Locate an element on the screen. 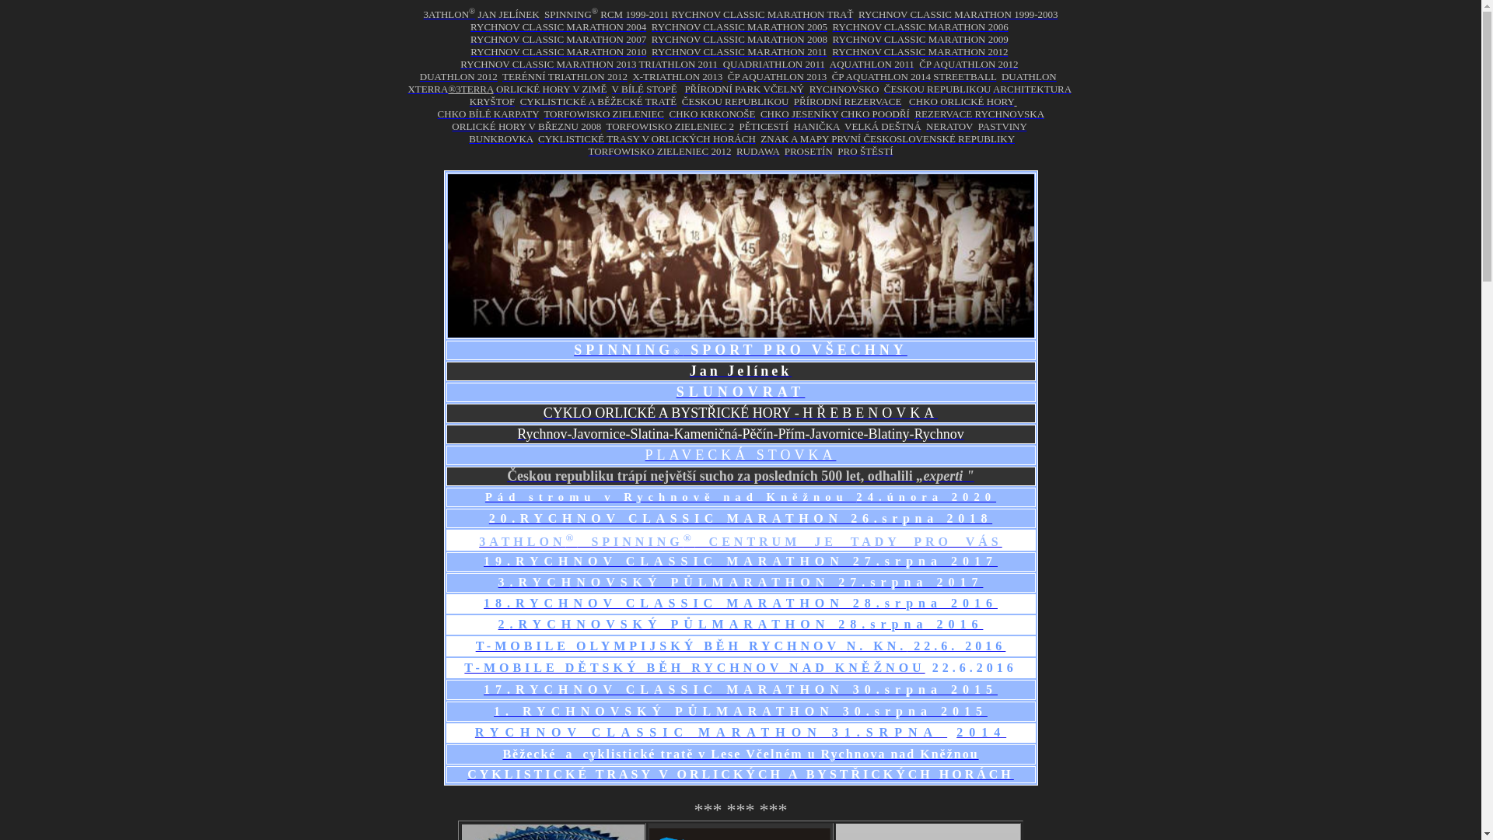 This screenshot has width=1493, height=840. 'REZERVACE RYCHNOVSKA' is located at coordinates (914, 113).